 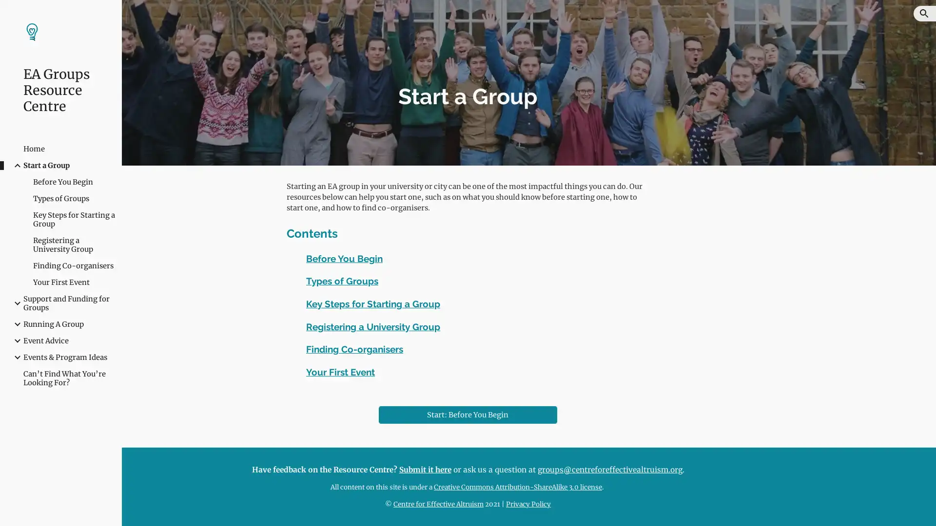 What do you see at coordinates (475, 349) in the screenshot?
I see `Copy heading link` at bounding box center [475, 349].